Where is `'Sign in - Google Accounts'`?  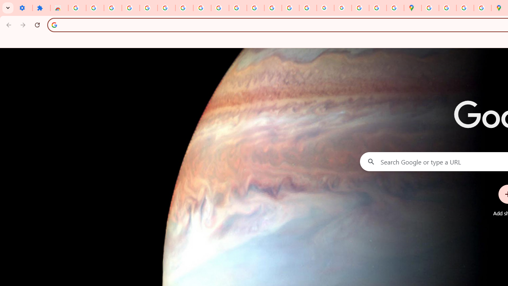
'Sign in - Google Accounts' is located at coordinates (77, 8).